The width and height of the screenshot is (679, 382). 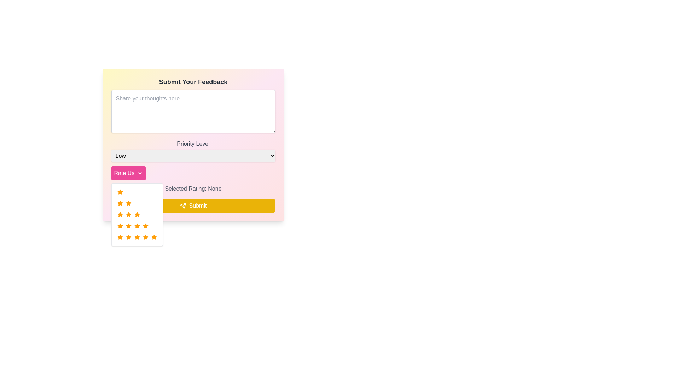 What do you see at coordinates (120, 226) in the screenshot?
I see `the star icon located` at bounding box center [120, 226].